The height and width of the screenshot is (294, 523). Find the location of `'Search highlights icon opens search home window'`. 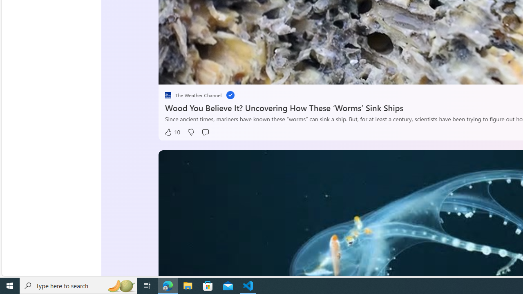

'Search highlights icon opens search home window' is located at coordinates (120, 285).